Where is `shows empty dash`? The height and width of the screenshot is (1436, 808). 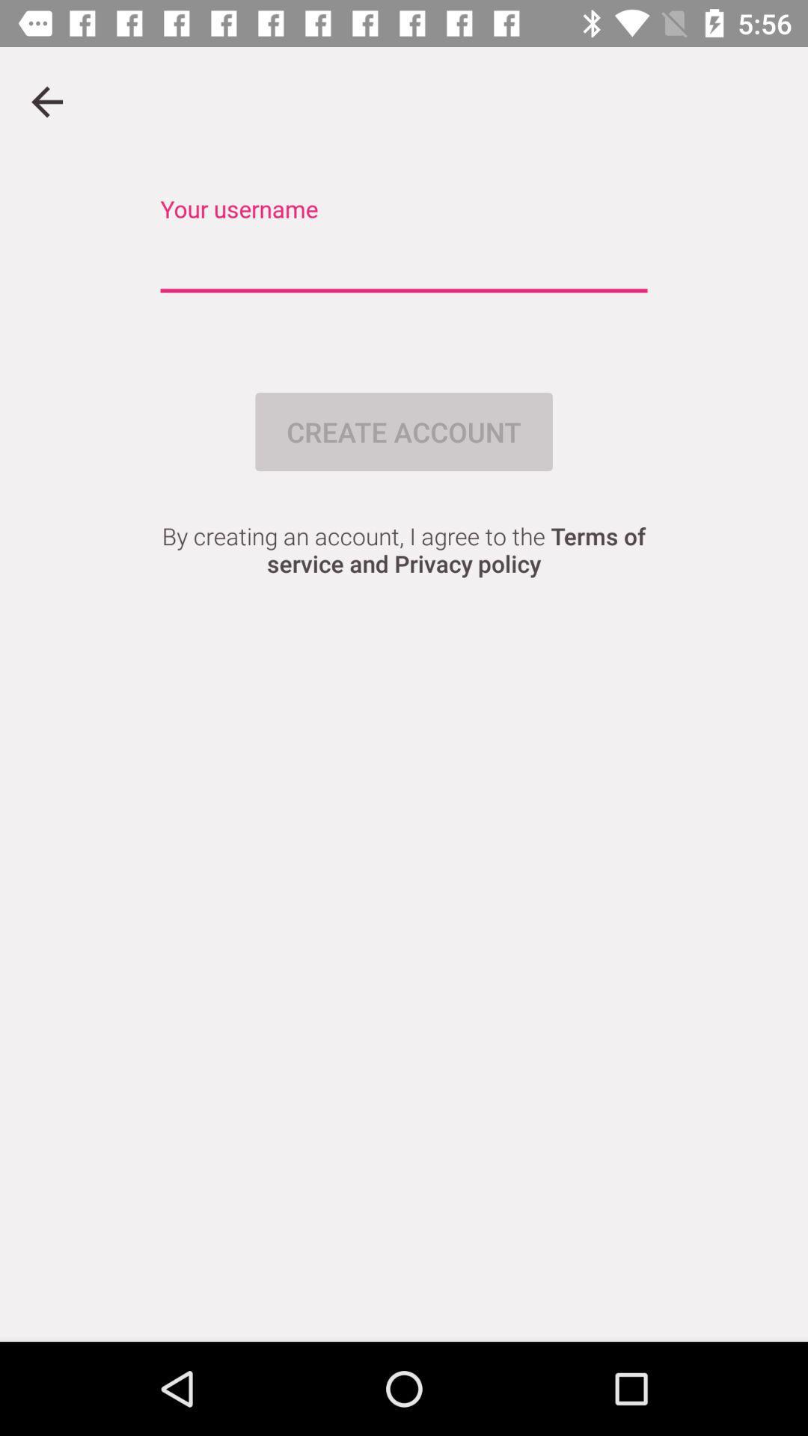
shows empty dash is located at coordinates (404, 262).